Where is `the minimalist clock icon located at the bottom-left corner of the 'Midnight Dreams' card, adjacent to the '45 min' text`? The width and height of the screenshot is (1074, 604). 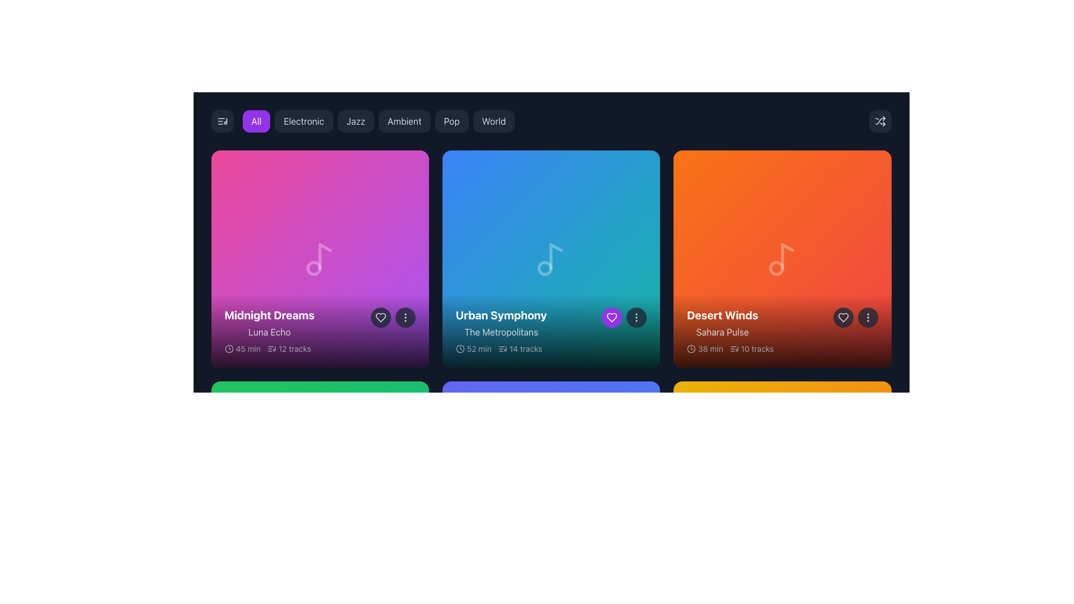 the minimalist clock icon located at the bottom-left corner of the 'Midnight Dreams' card, adjacent to the '45 min' text is located at coordinates (228, 348).